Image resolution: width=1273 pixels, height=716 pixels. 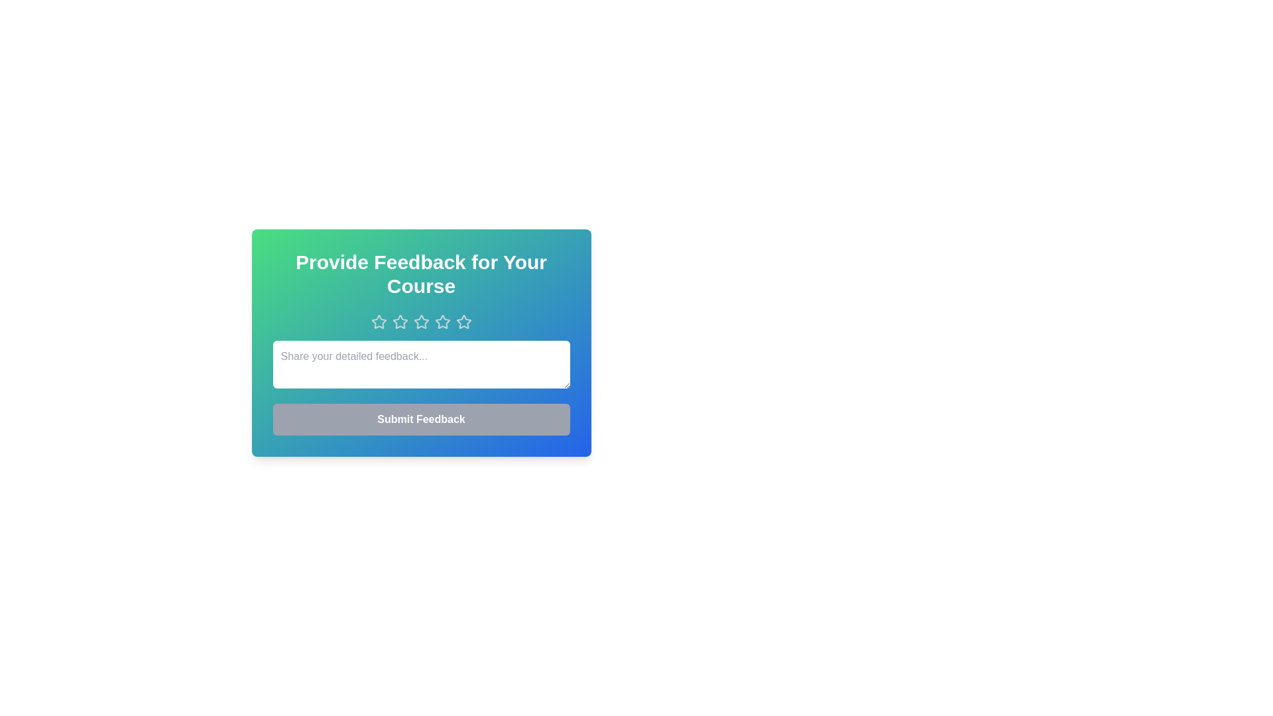 What do you see at coordinates (463, 322) in the screenshot?
I see `the star corresponding to the rating 5 to set it` at bounding box center [463, 322].